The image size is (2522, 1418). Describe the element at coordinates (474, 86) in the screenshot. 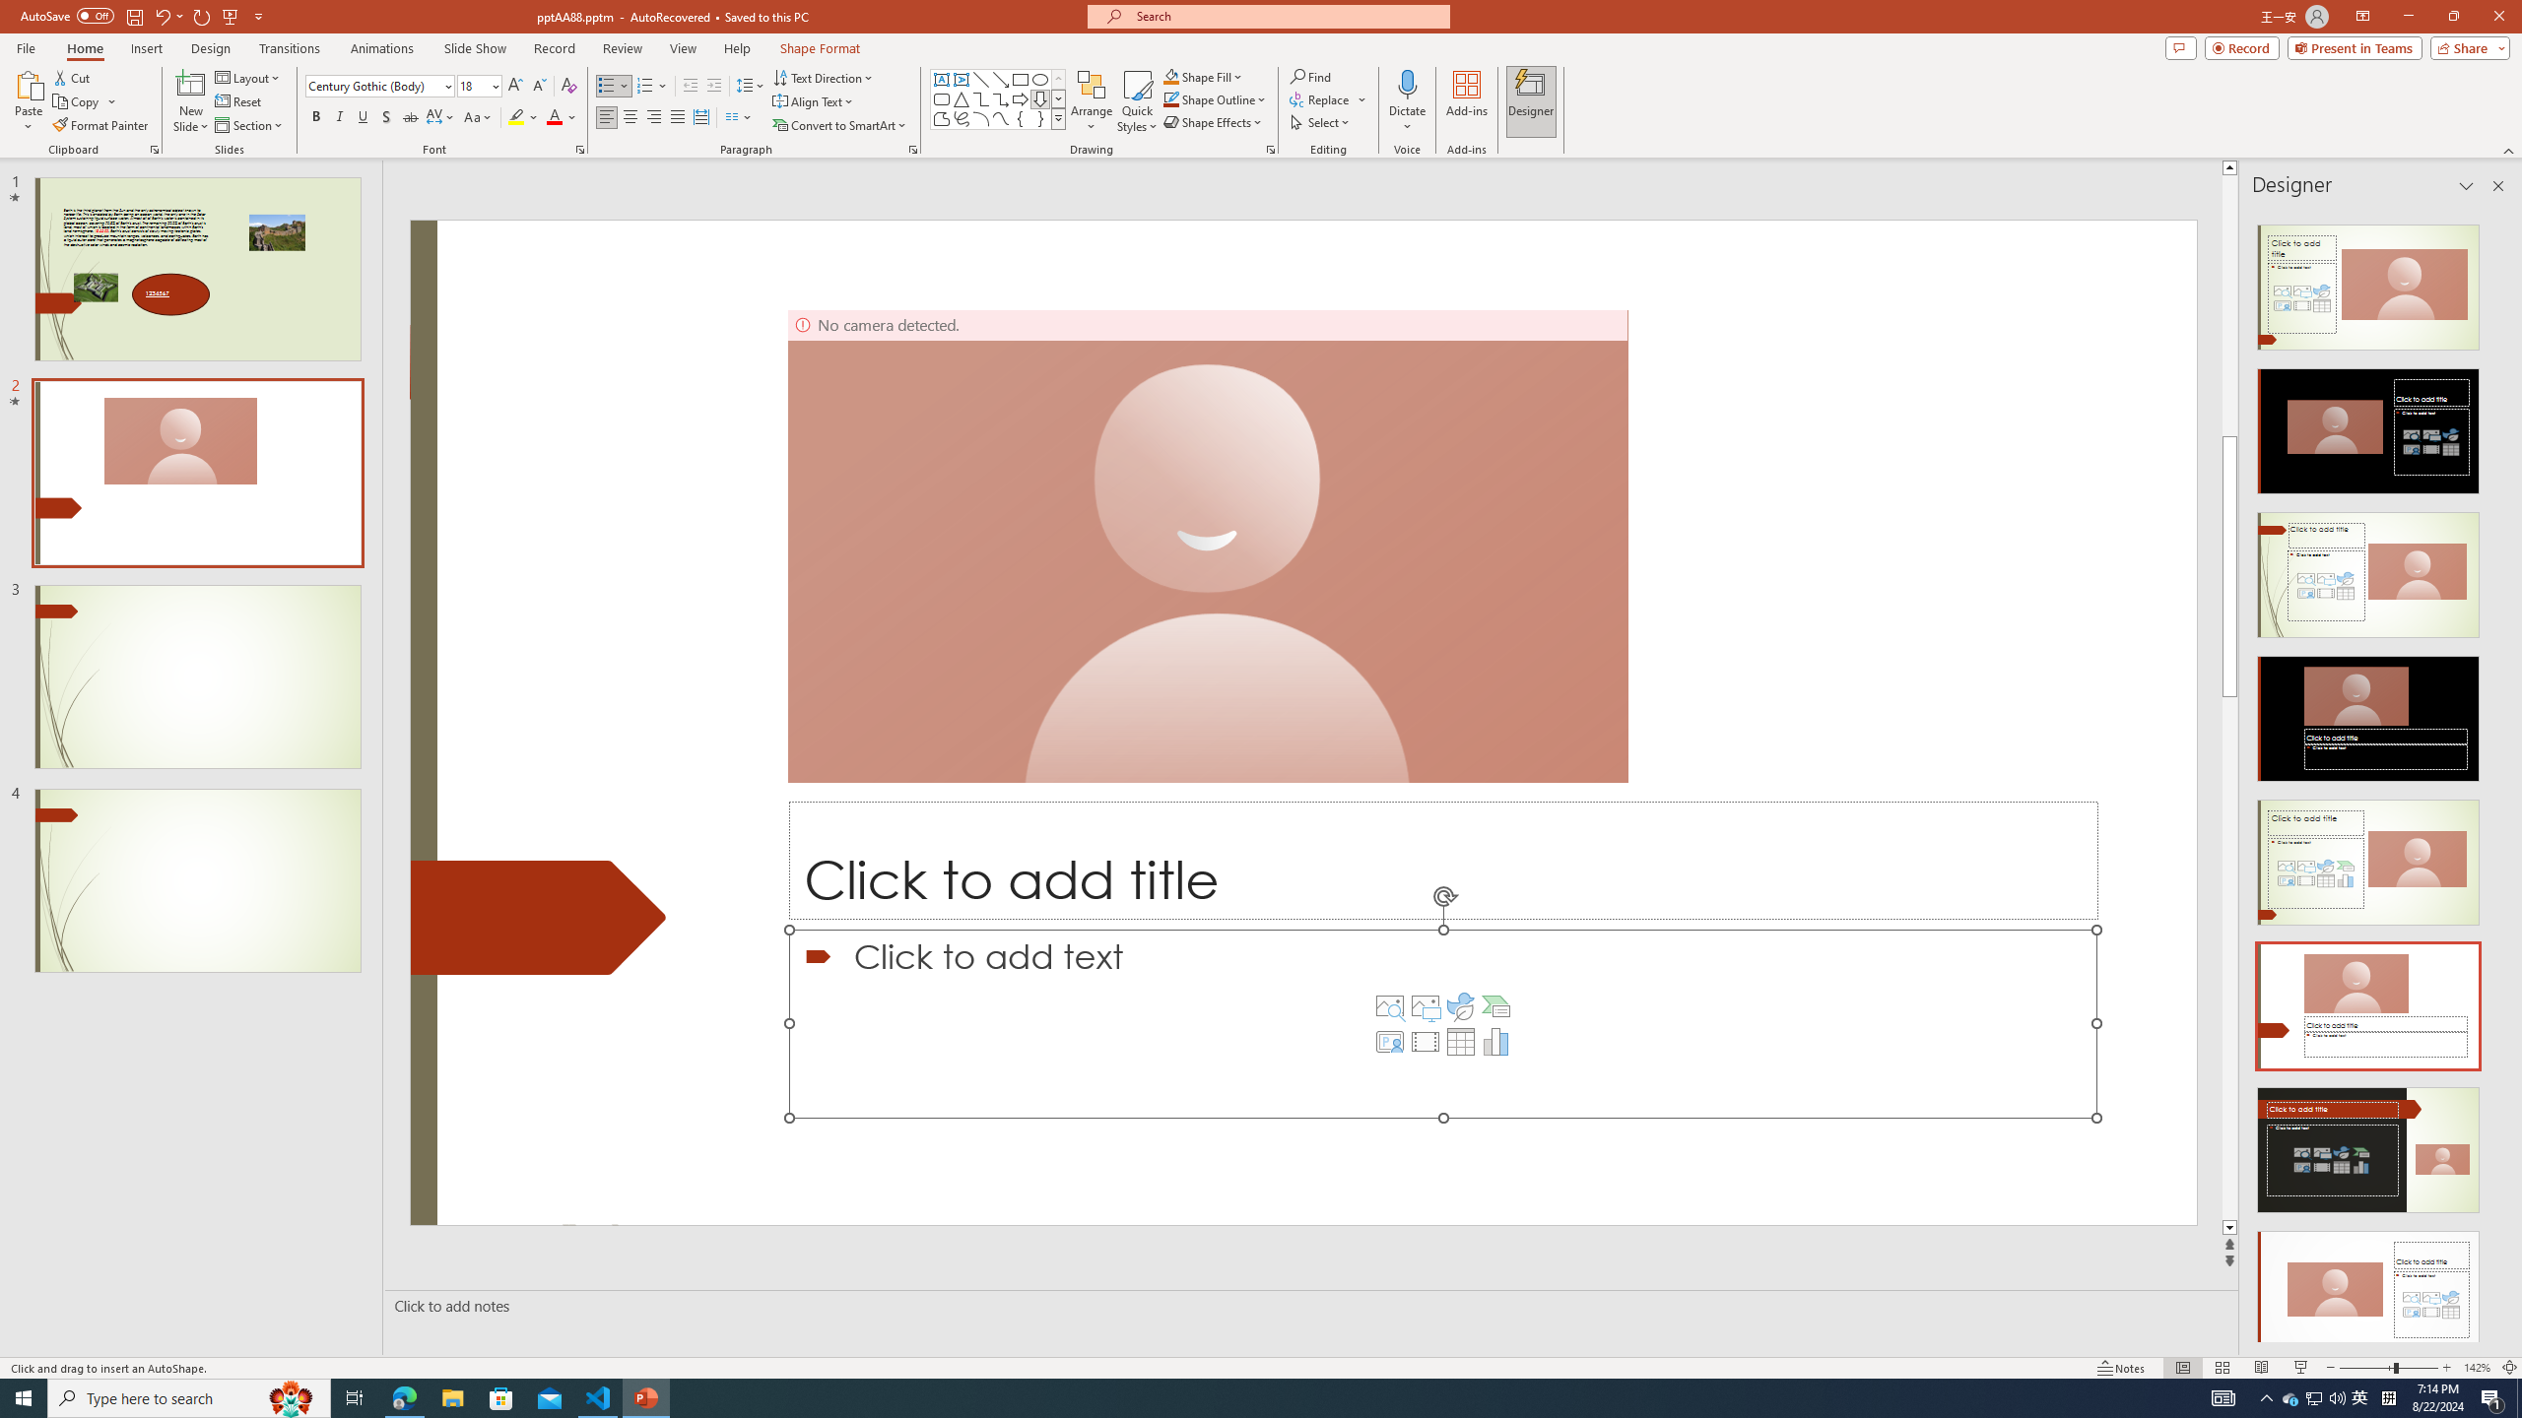

I see `'Font Size'` at that location.